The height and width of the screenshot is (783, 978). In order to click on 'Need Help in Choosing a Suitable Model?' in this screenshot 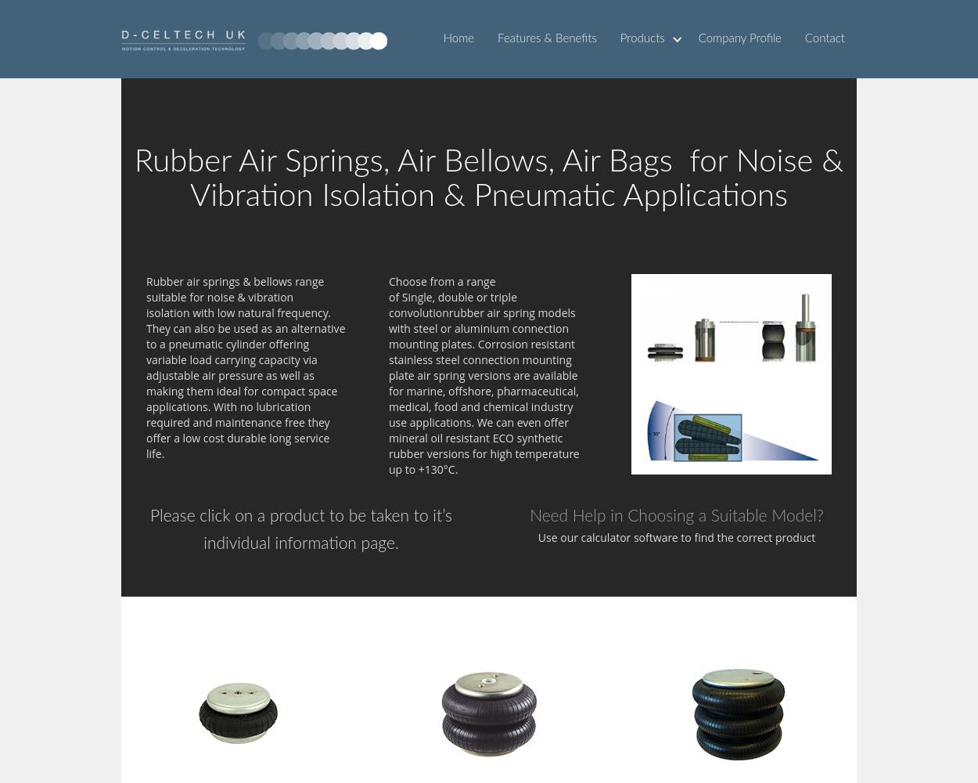, I will do `click(675, 516)`.